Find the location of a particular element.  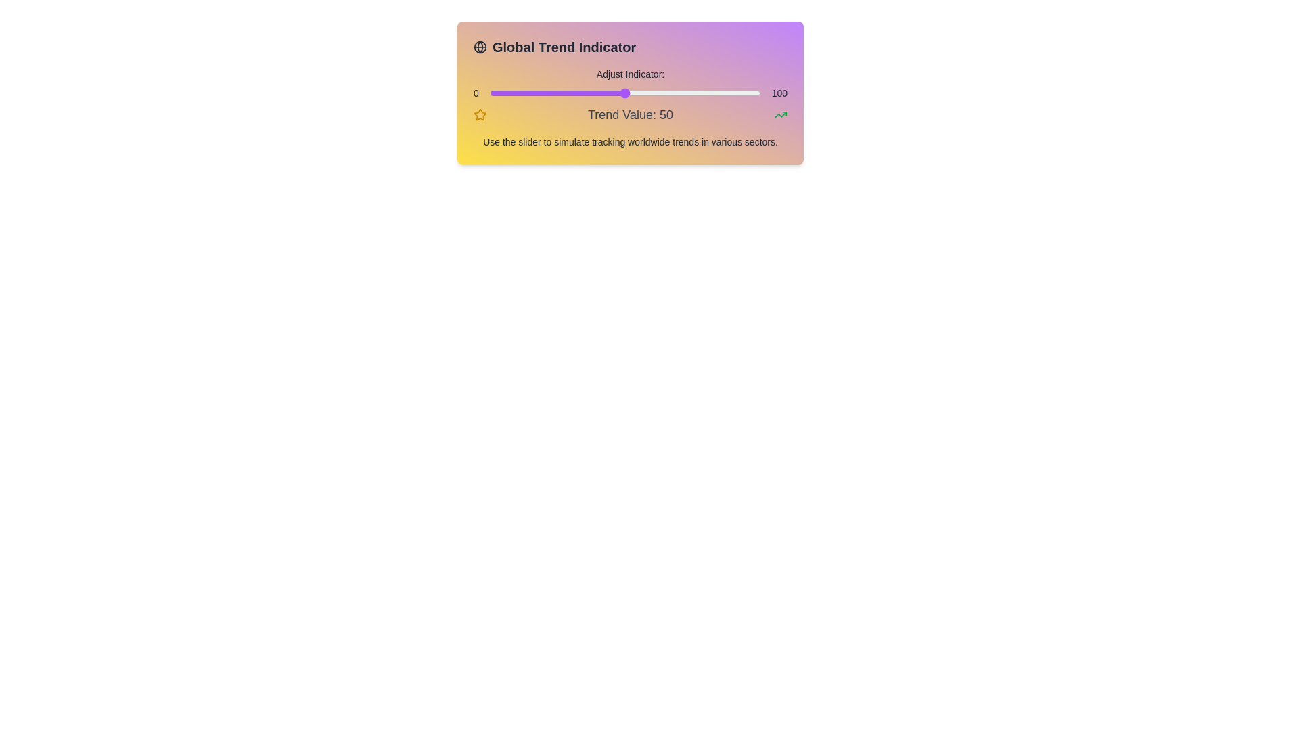

the slider to set the value to 71 is located at coordinates (682, 93).